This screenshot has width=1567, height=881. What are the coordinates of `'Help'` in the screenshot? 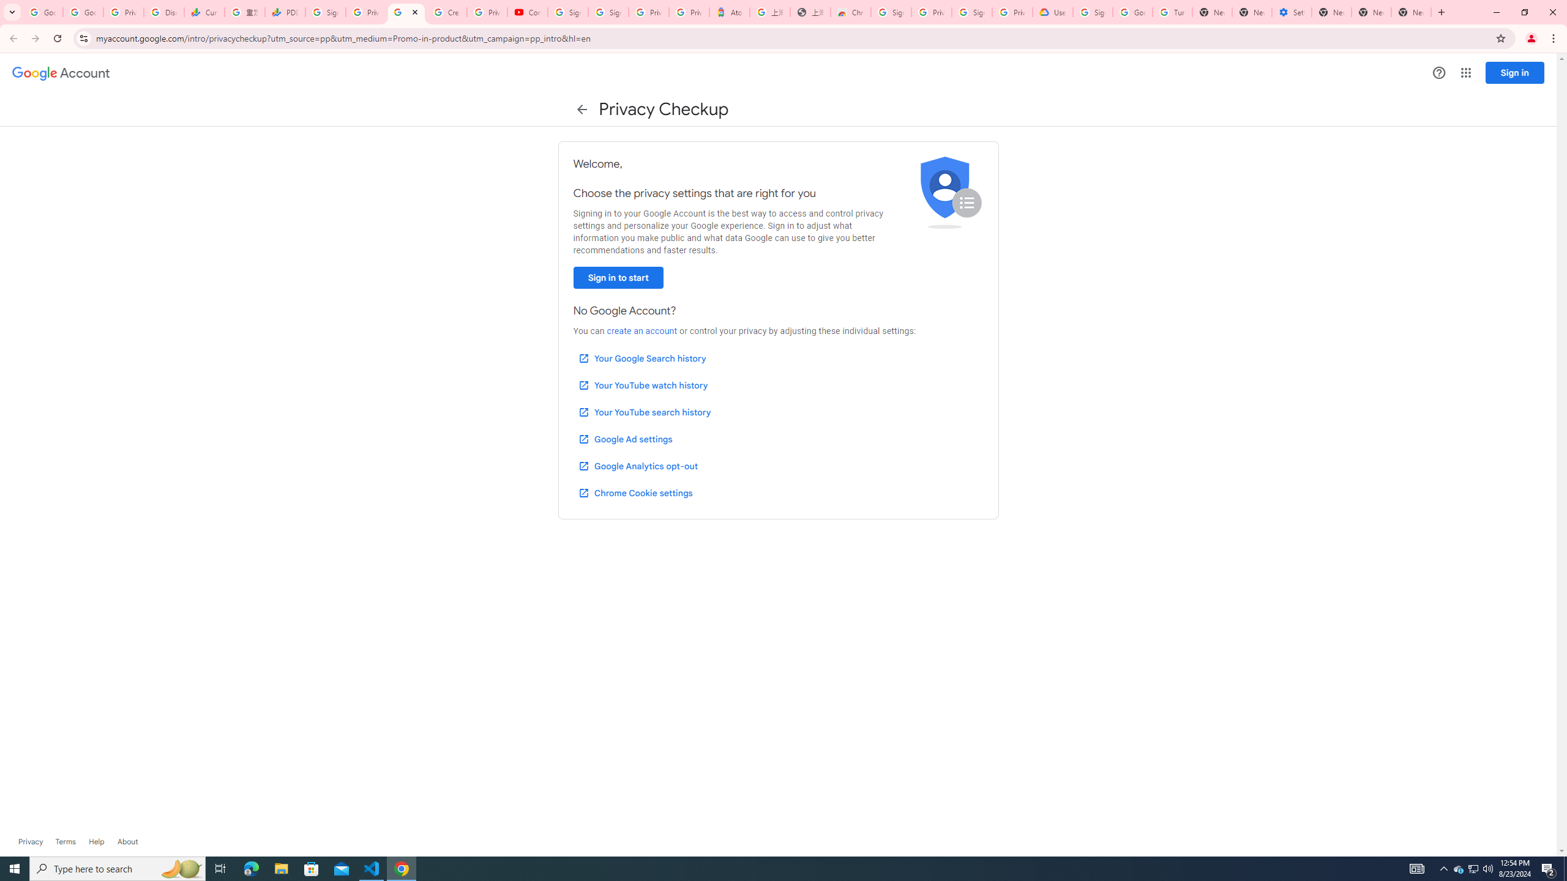 It's located at (95, 841).